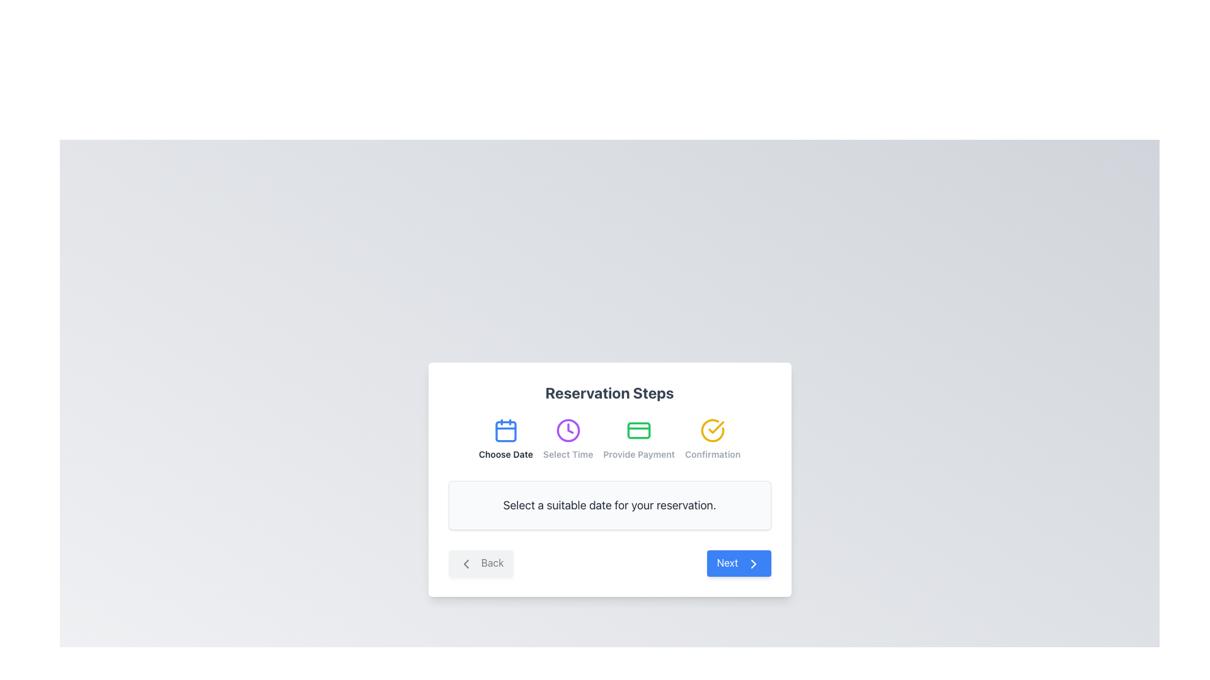 This screenshot has height=680, width=1210. Describe the element at coordinates (505, 431) in the screenshot. I see `the graphical rectangle component that is part of the 'Choose Date' calendar icon located in the upper section of the interface` at that location.